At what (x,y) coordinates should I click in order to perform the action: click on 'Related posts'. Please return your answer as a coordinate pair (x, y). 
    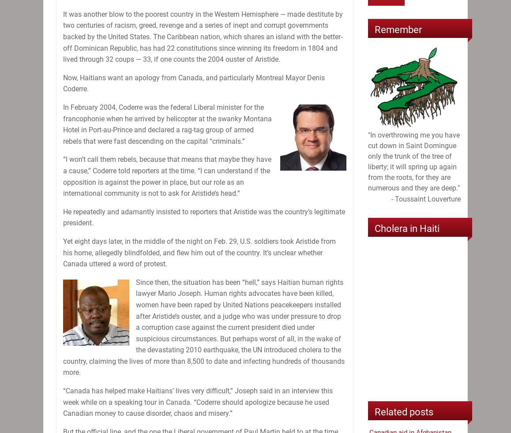
    Looking at the image, I should click on (404, 411).